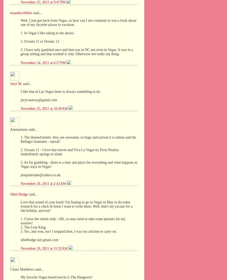 This screenshot has height=280, width=227. What do you see at coordinates (19, 194) in the screenshot?
I see `'Sibel Hodge'` at bounding box center [19, 194].